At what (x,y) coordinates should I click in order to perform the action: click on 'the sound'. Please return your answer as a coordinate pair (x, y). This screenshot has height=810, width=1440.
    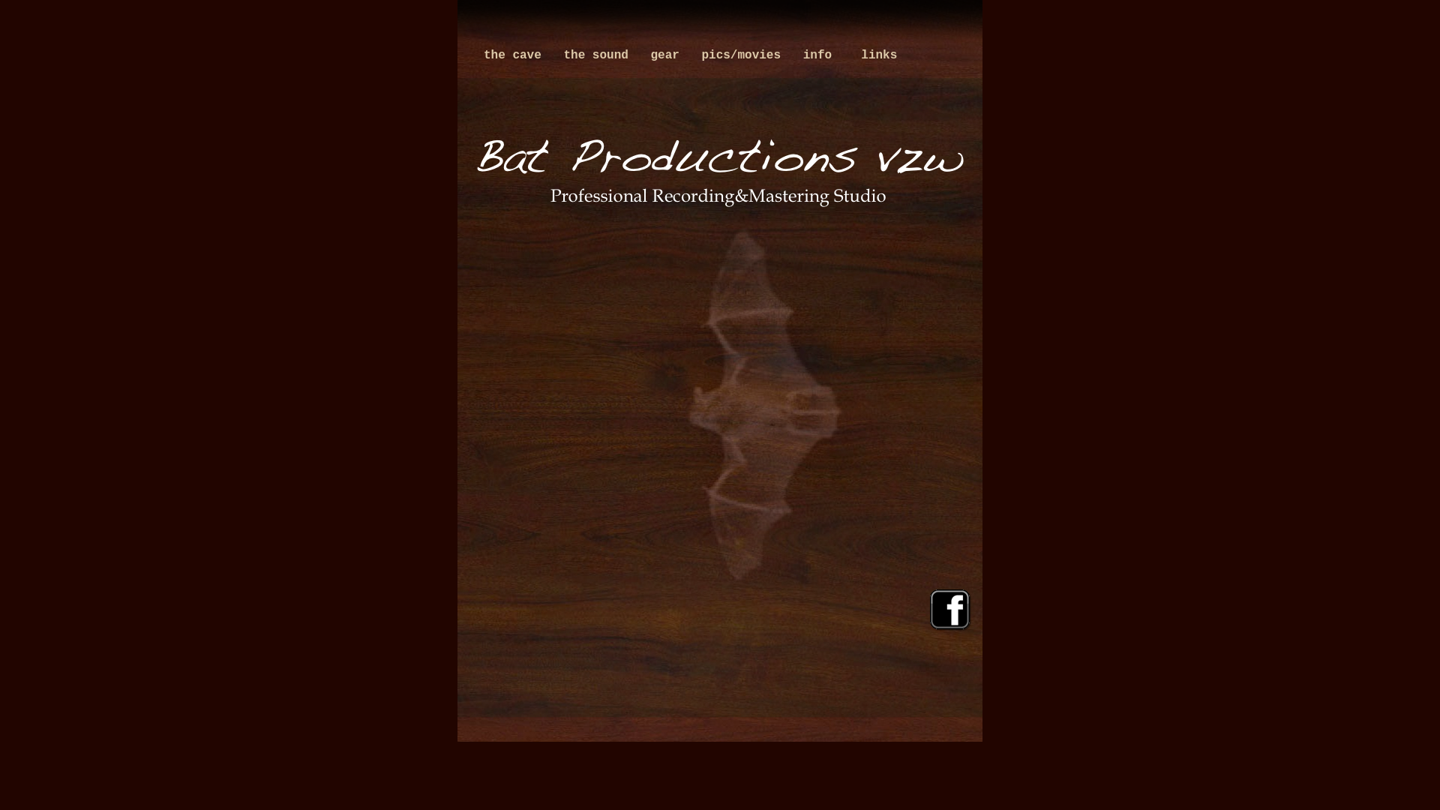
    Looking at the image, I should click on (598, 54).